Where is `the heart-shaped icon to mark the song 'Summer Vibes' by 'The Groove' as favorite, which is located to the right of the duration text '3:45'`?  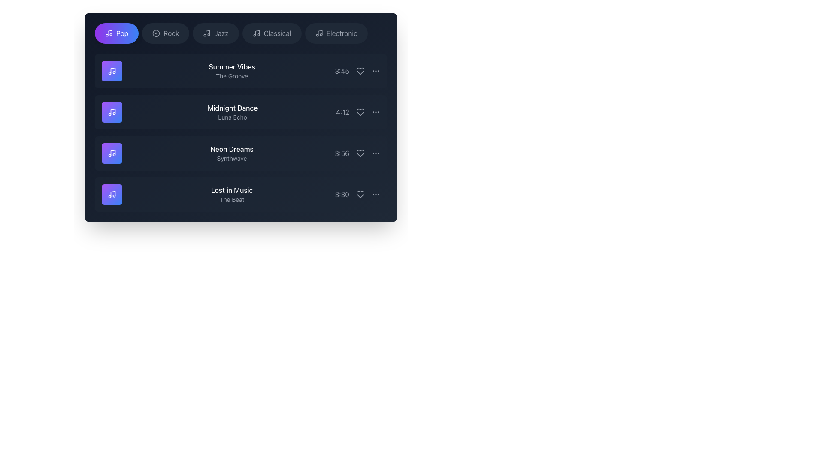
the heart-shaped icon to mark the song 'Summer Vibes' by 'The Groove' as favorite, which is located to the right of the duration text '3:45' is located at coordinates (360, 70).